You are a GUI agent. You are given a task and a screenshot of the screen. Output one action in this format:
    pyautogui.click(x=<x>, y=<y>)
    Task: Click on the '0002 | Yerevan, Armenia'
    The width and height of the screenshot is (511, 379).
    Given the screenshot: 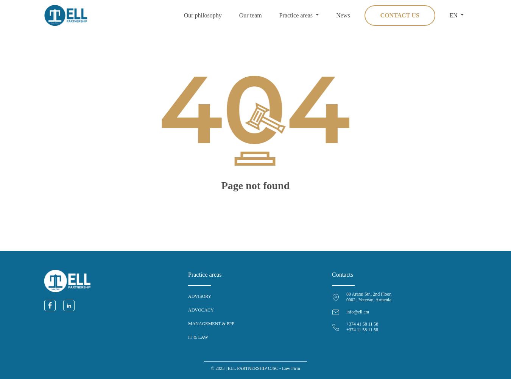 What is the action you would take?
    pyautogui.click(x=346, y=300)
    